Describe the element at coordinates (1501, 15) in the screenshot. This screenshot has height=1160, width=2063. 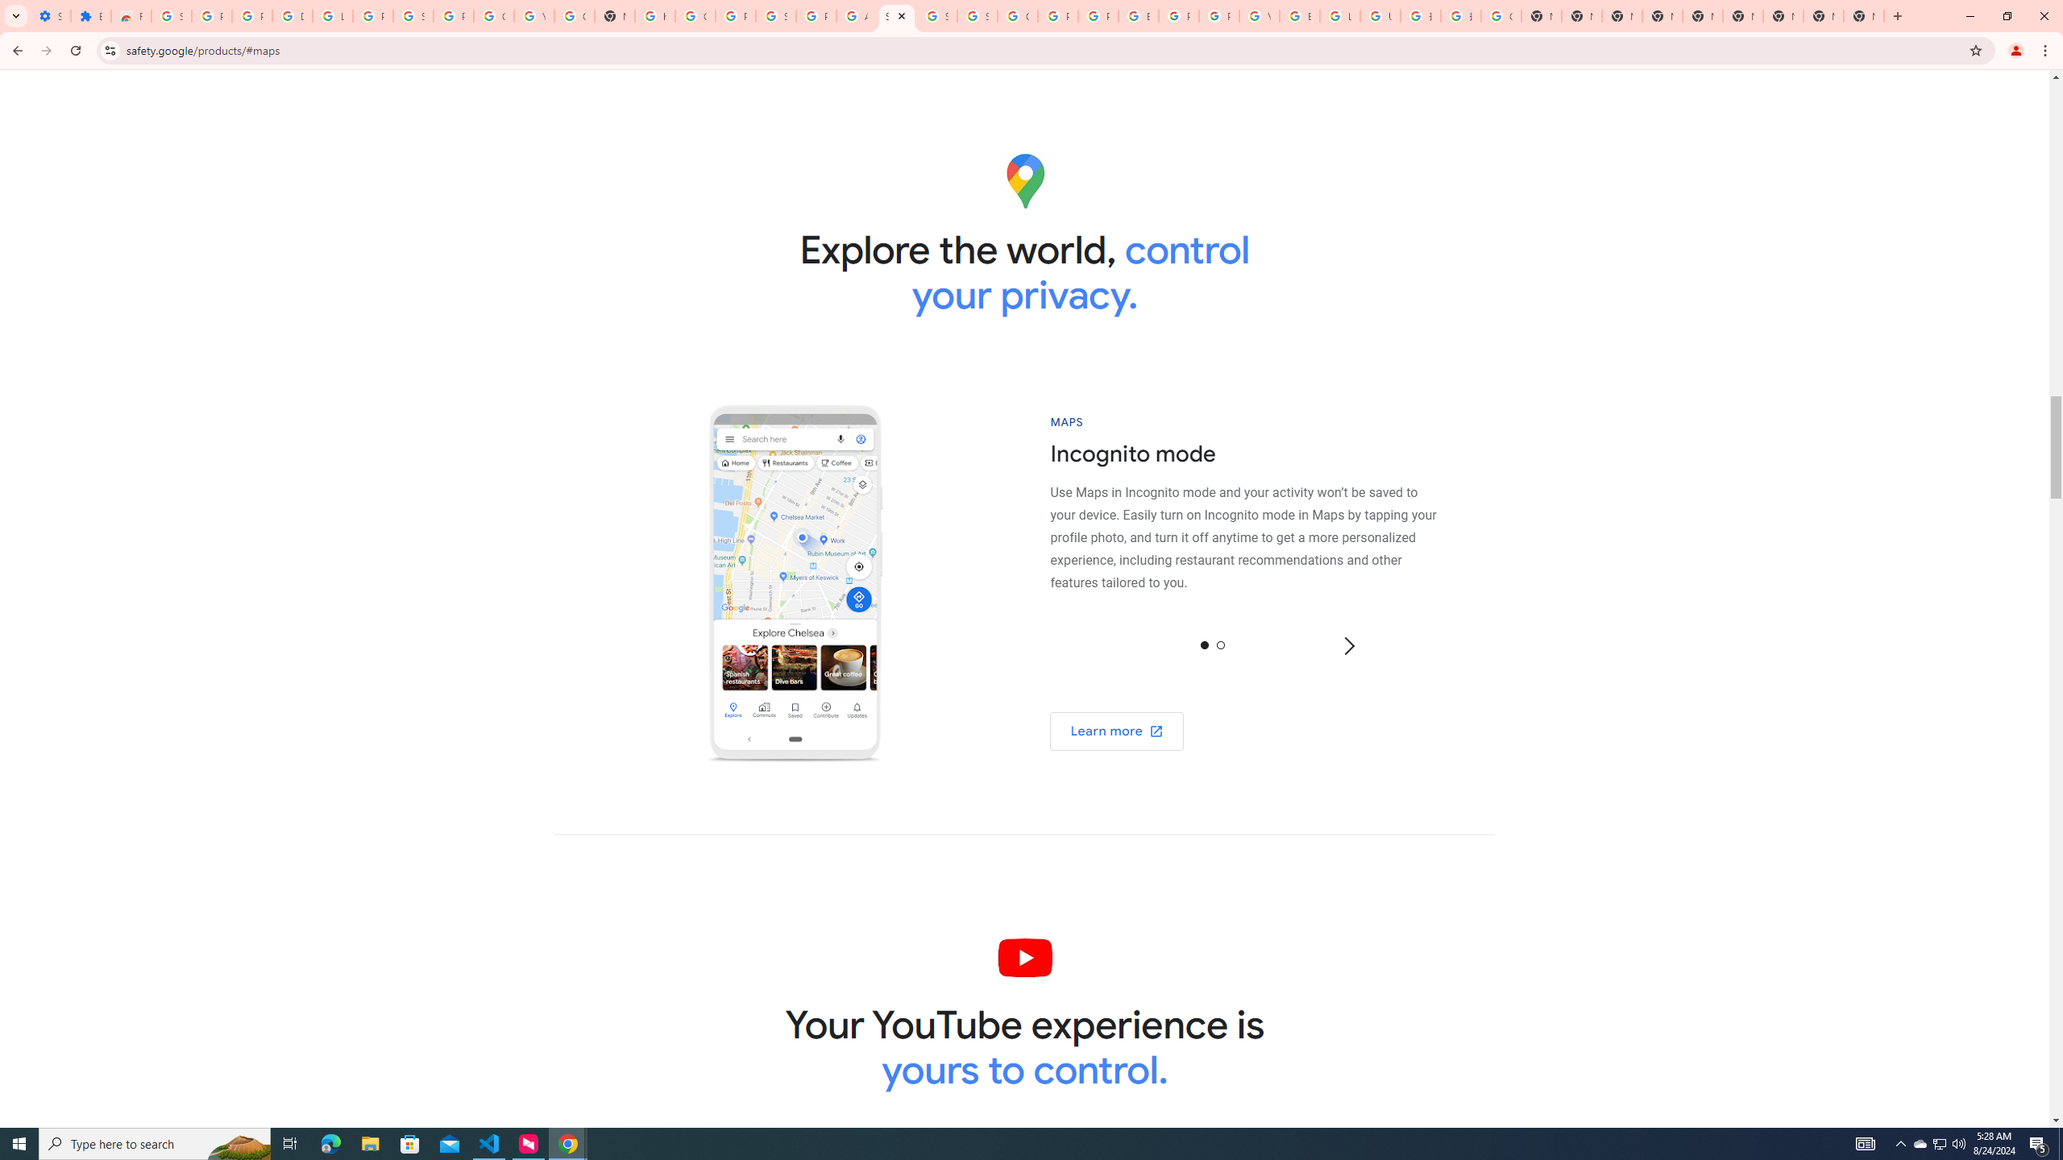
I see `'Google Images'` at that location.